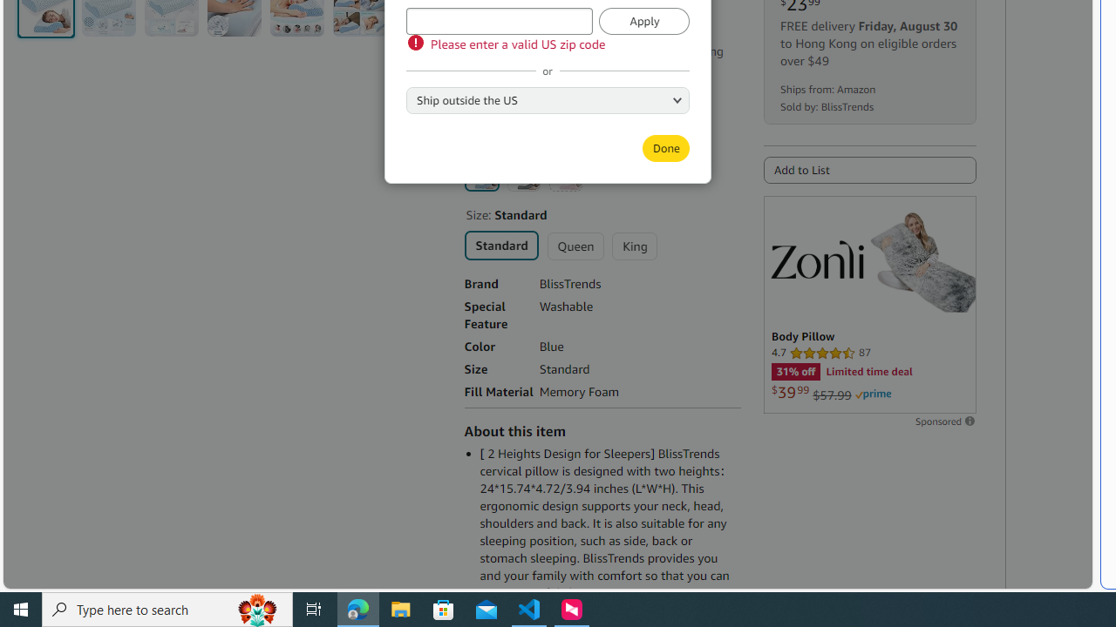  I want to click on 'AutomationID: GLUXCountryList', so click(547, 99).